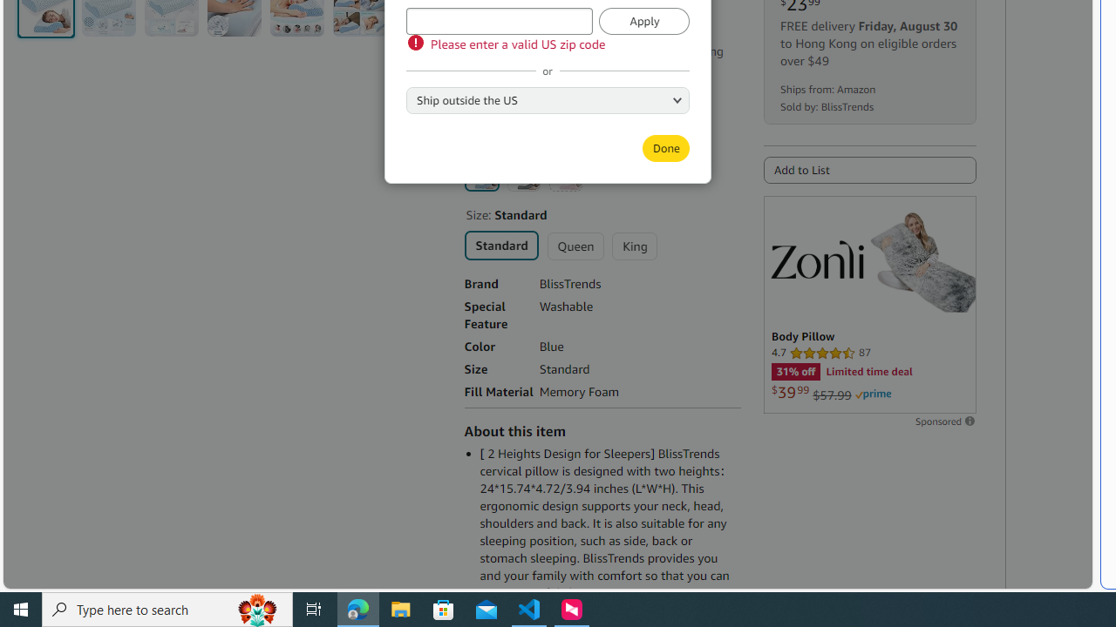  I want to click on 'AutomationID: GLUXCountryList', so click(547, 99).